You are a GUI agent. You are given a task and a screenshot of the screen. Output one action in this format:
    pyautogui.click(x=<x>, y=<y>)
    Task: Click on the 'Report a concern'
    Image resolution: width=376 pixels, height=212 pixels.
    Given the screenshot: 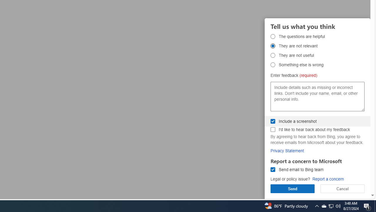 What is the action you would take?
    pyautogui.click(x=328, y=179)
    